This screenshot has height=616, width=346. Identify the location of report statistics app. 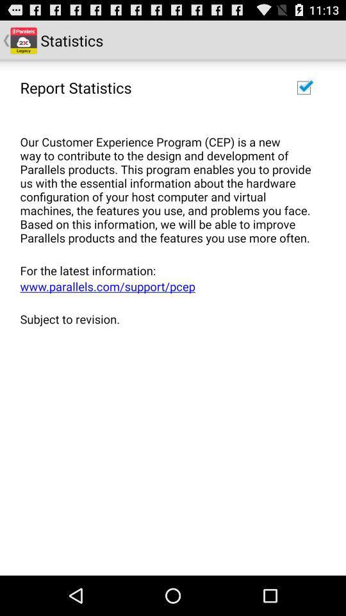
(76, 87).